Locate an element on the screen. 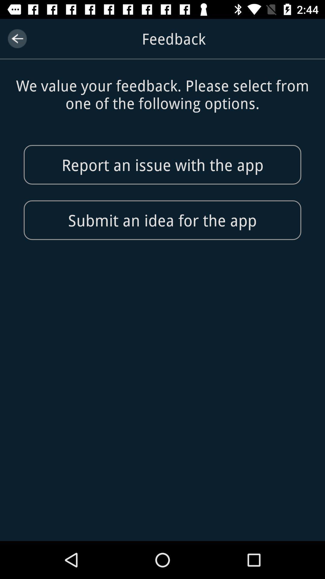  the arrow_backward icon is located at coordinates (17, 38).